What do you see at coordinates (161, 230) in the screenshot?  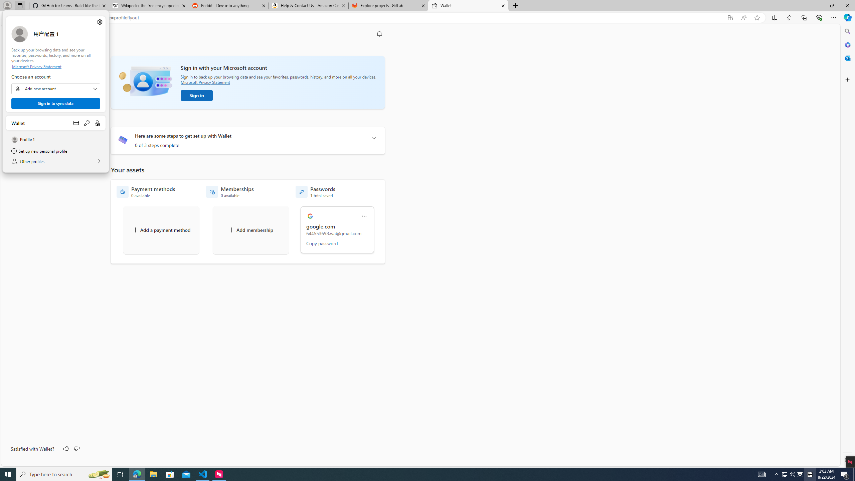 I see `'Add a payment method'` at bounding box center [161, 230].